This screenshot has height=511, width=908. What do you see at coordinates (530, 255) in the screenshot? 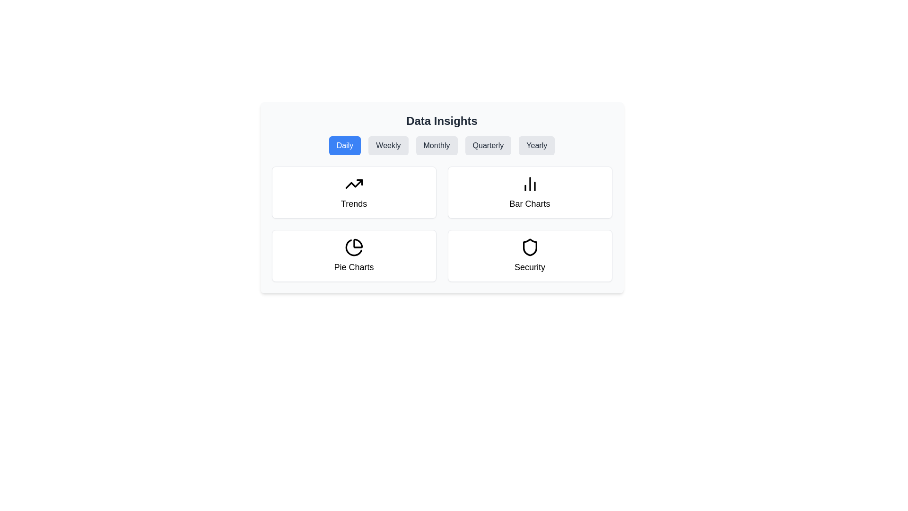
I see `the 'Security' section card located at the bottom-right of the 2x2 grid layout` at bounding box center [530, 255].